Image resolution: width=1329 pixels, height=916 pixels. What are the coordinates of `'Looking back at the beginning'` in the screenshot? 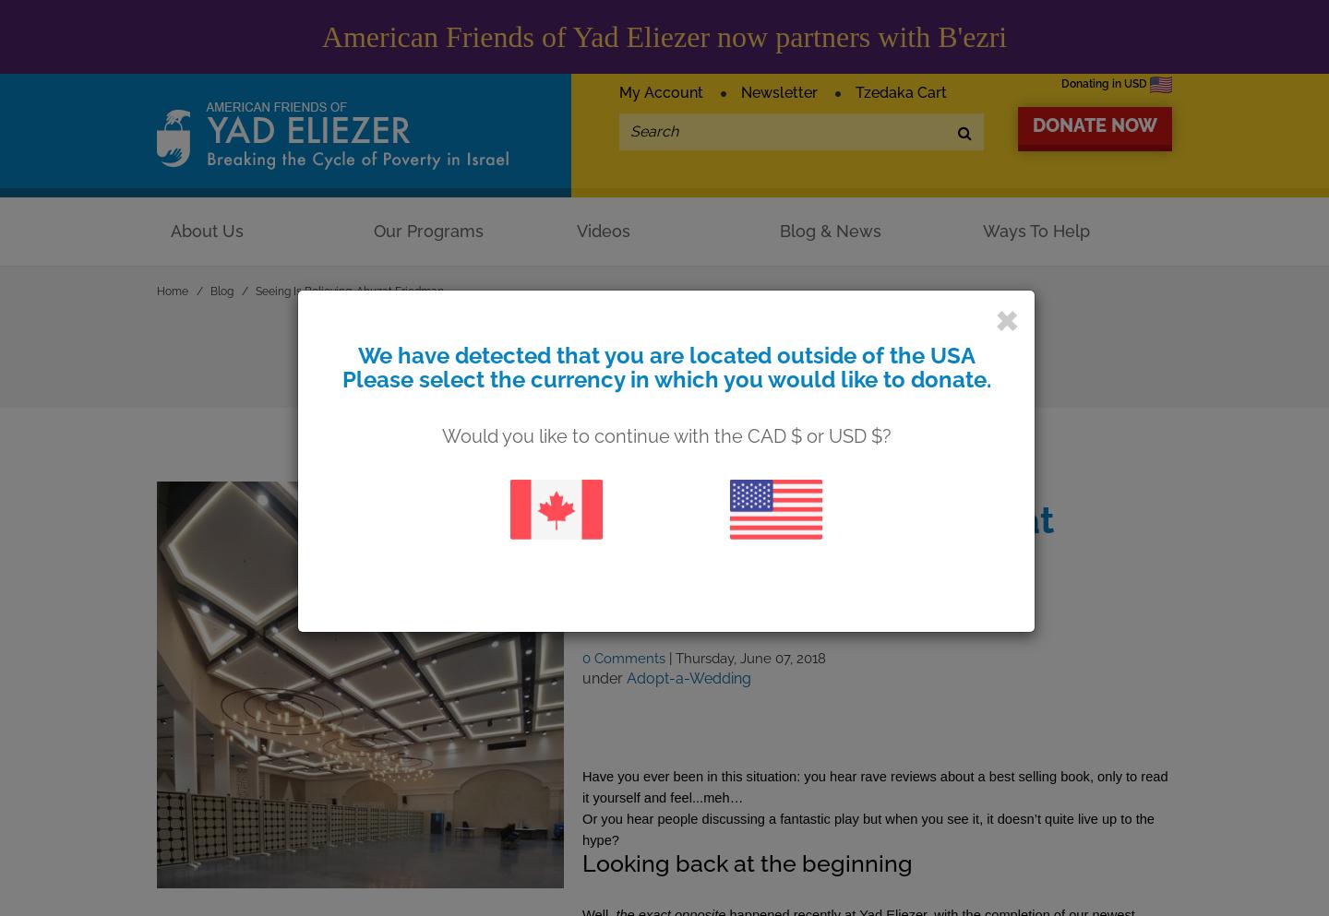 It's located at (748, 862).